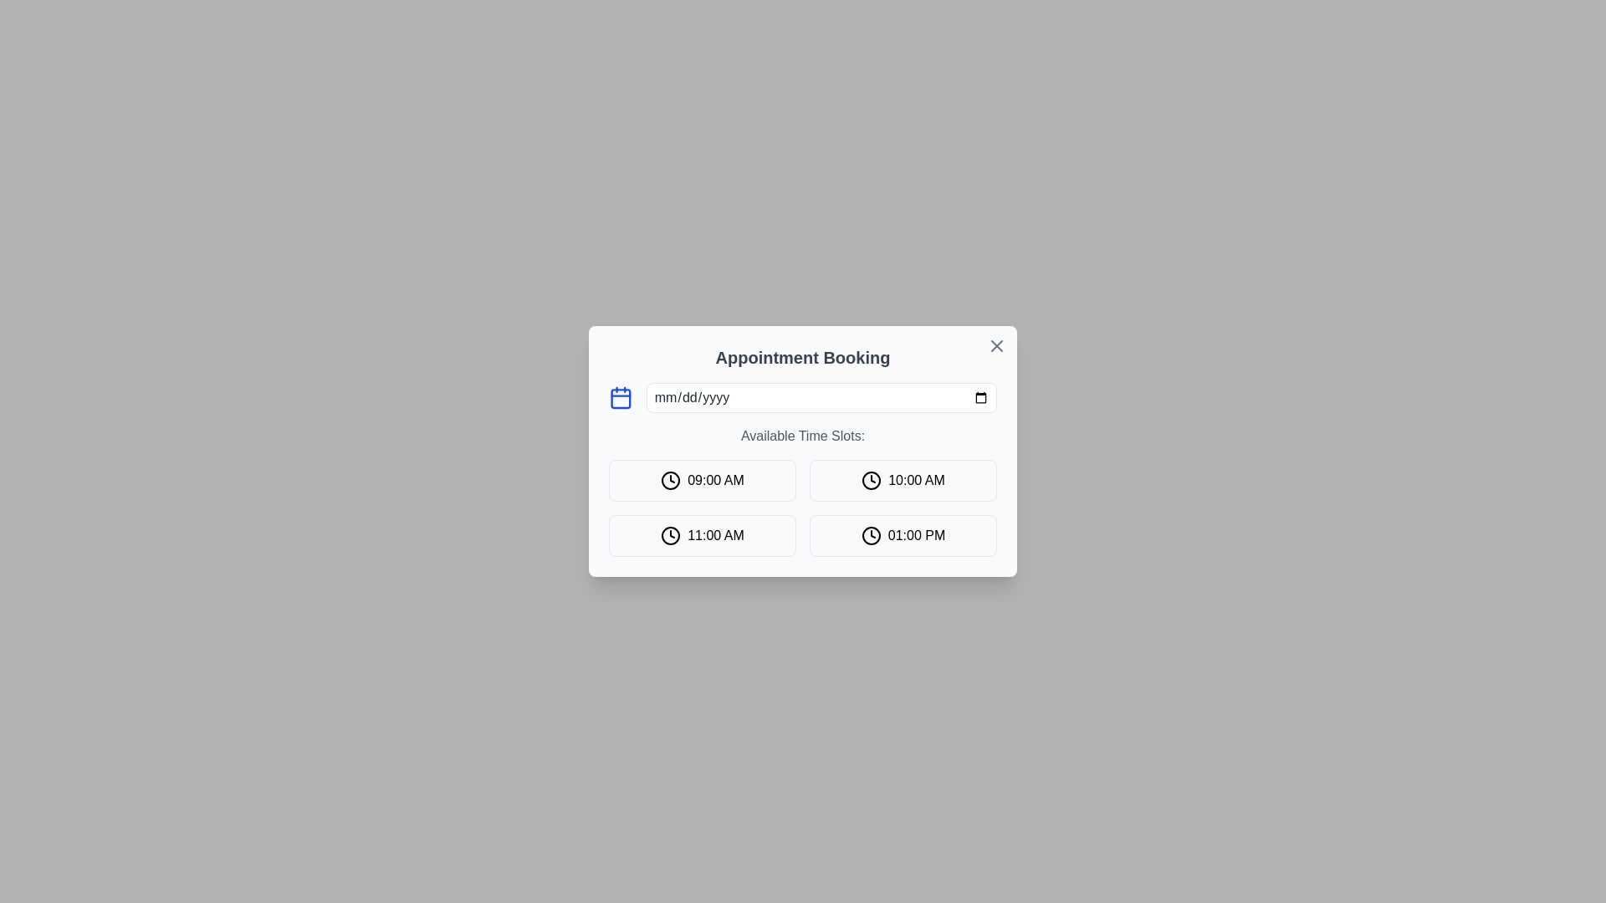 This screenshot has width=1606, height=903. Describe the element at coordinates (703, 535) in the screenshot. I see `the button representing the selectable time slot for '11:00 AM'` at that location.